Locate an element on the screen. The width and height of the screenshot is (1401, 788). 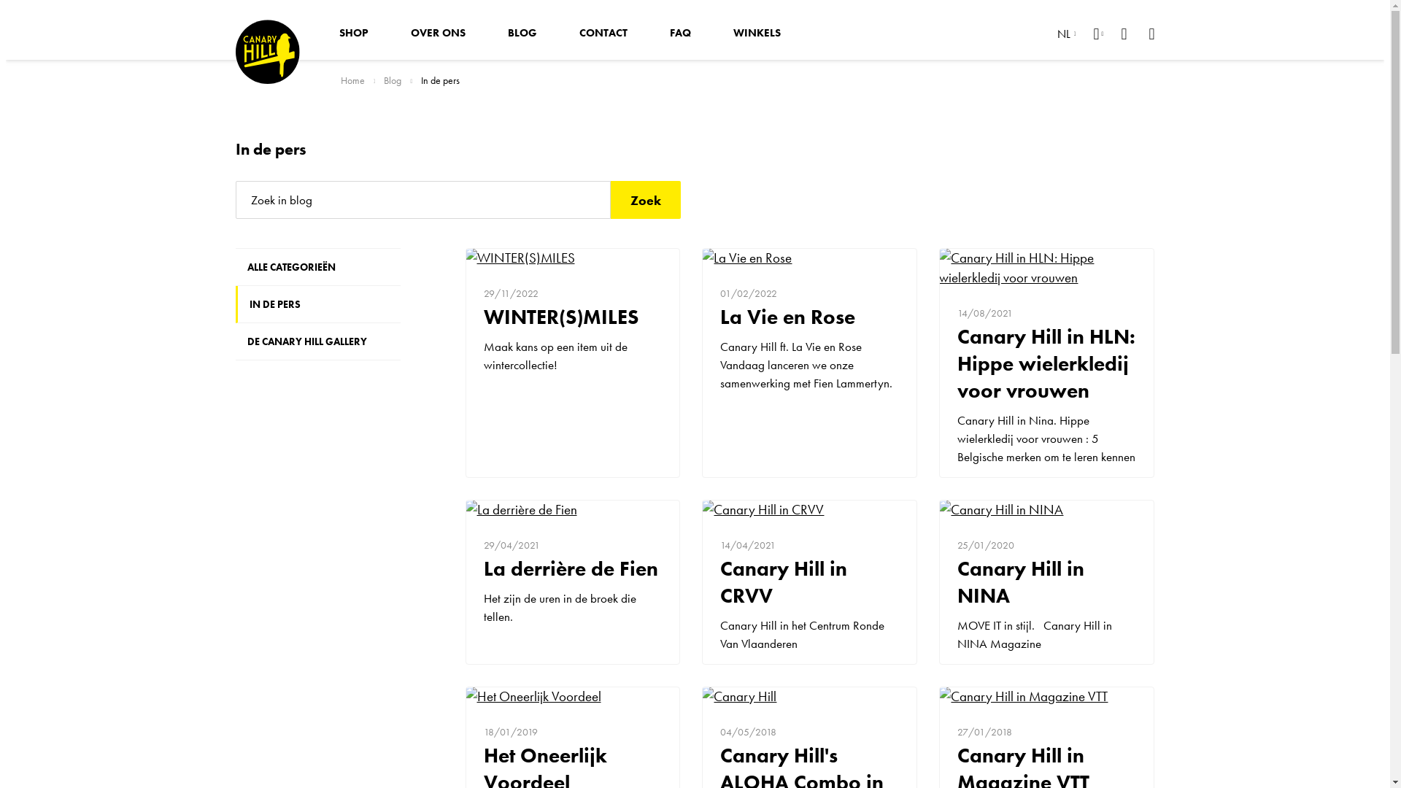
'SHOP' is located at coordinates (353, 33).